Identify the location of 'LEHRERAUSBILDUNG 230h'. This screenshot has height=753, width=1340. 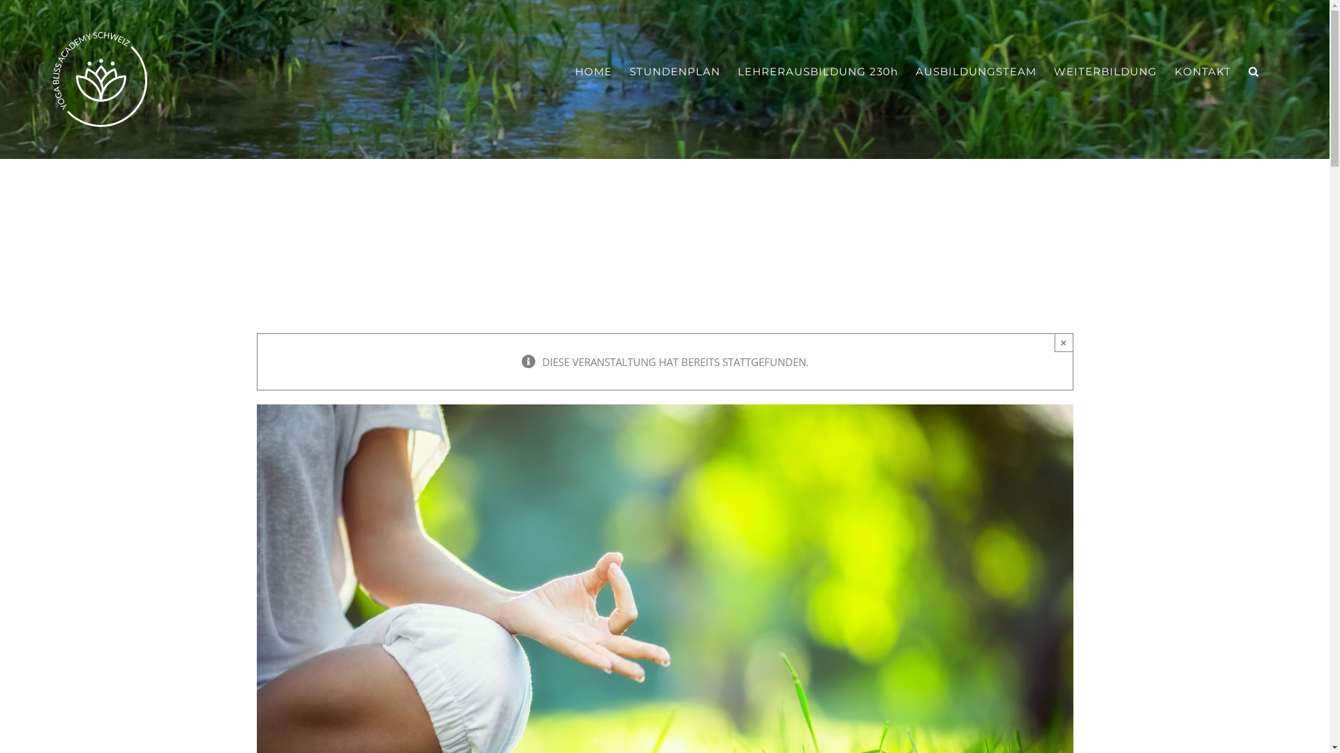
(817, 71).